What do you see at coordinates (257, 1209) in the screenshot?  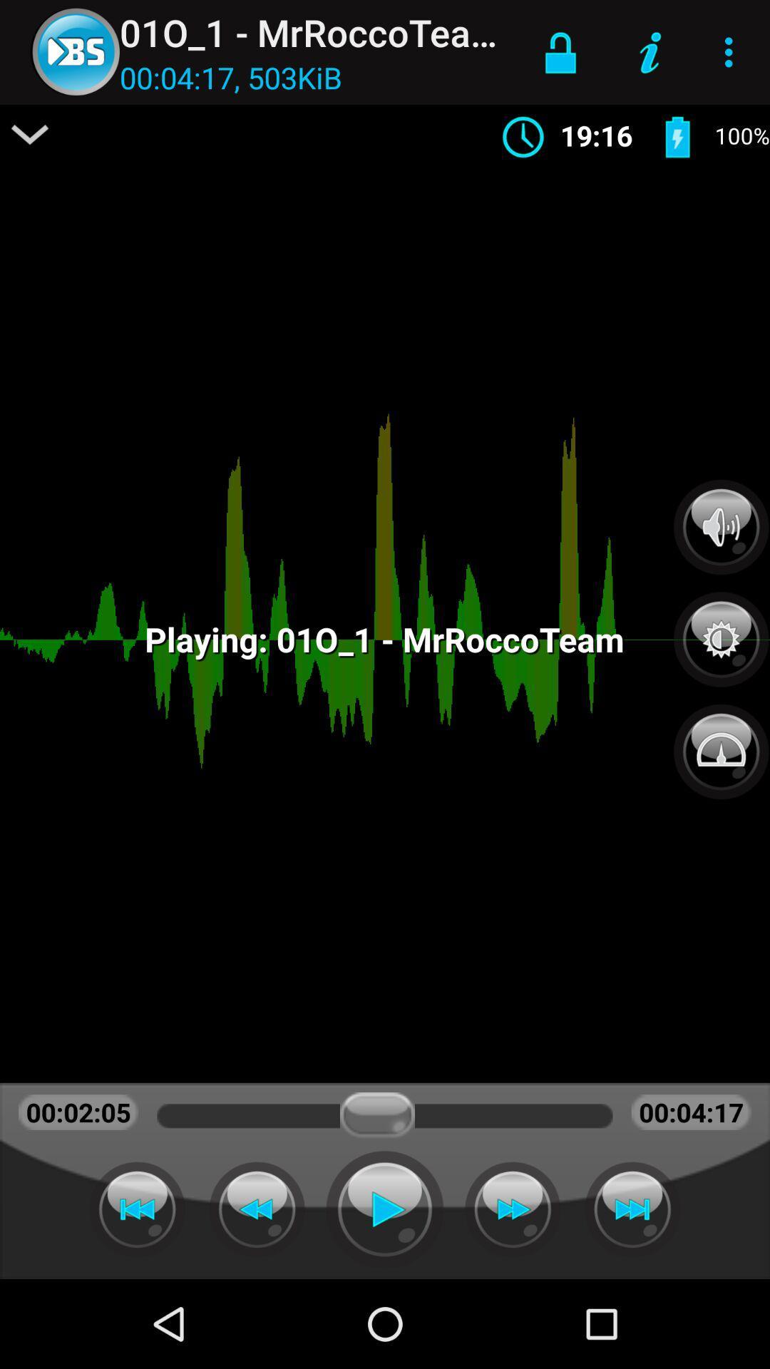 I see `rewind` at bounding box center [257, 1209].